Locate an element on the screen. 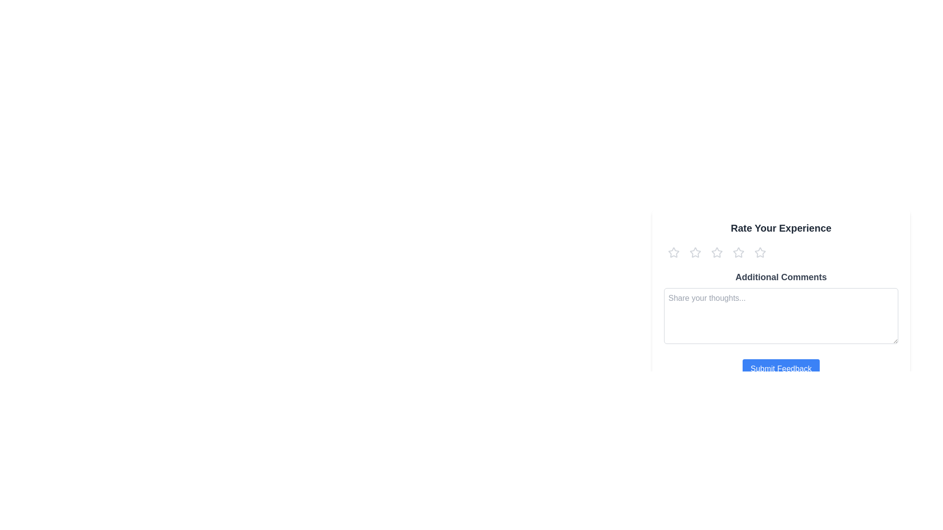 Image resolution: width=943 pixels, height=530 pixels. the fourth star icon in the rating system is located at coordinates (738, 252).